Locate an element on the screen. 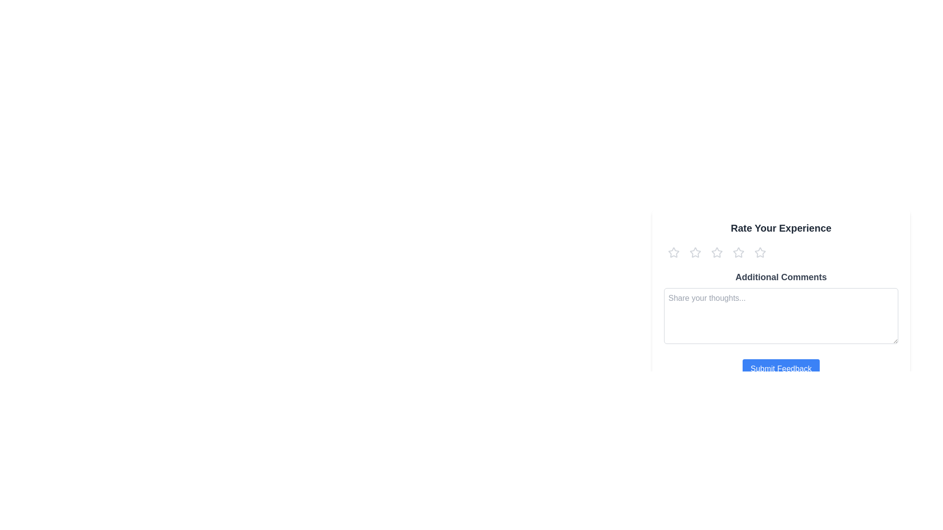 Image resolution: width=943 pixels, height=530 pixels. the fourth star icon in the rating system is located at coordinates (738, 252).